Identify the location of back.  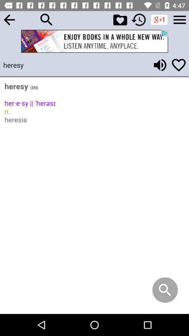
(9, 19).